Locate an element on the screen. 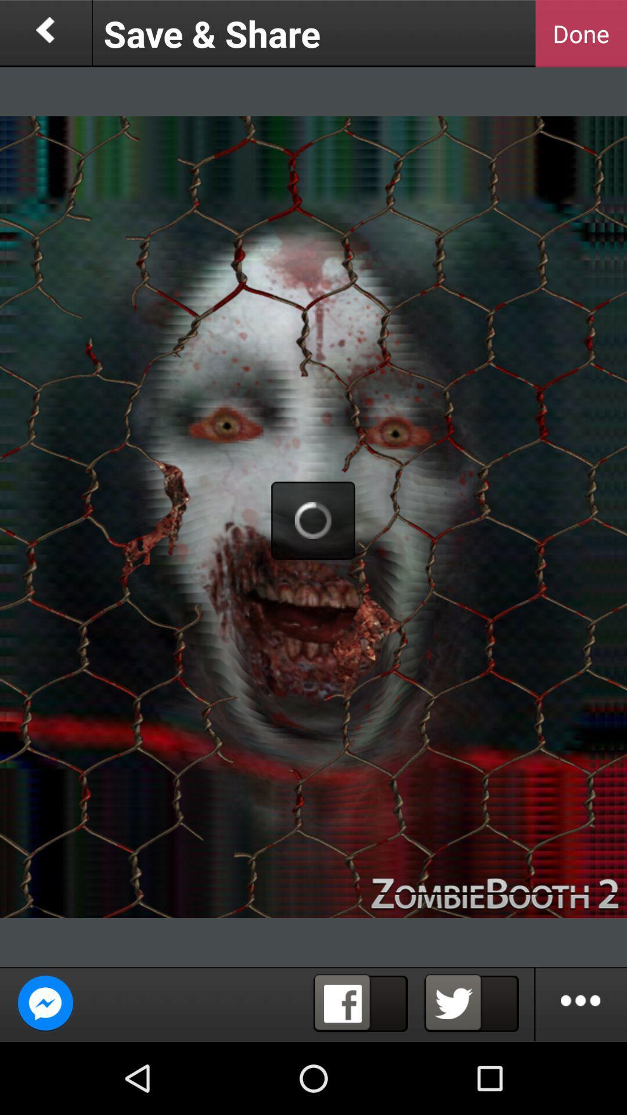 This screenshot has width=627, height=1115. tweet is located at coordinates (471, 1003).